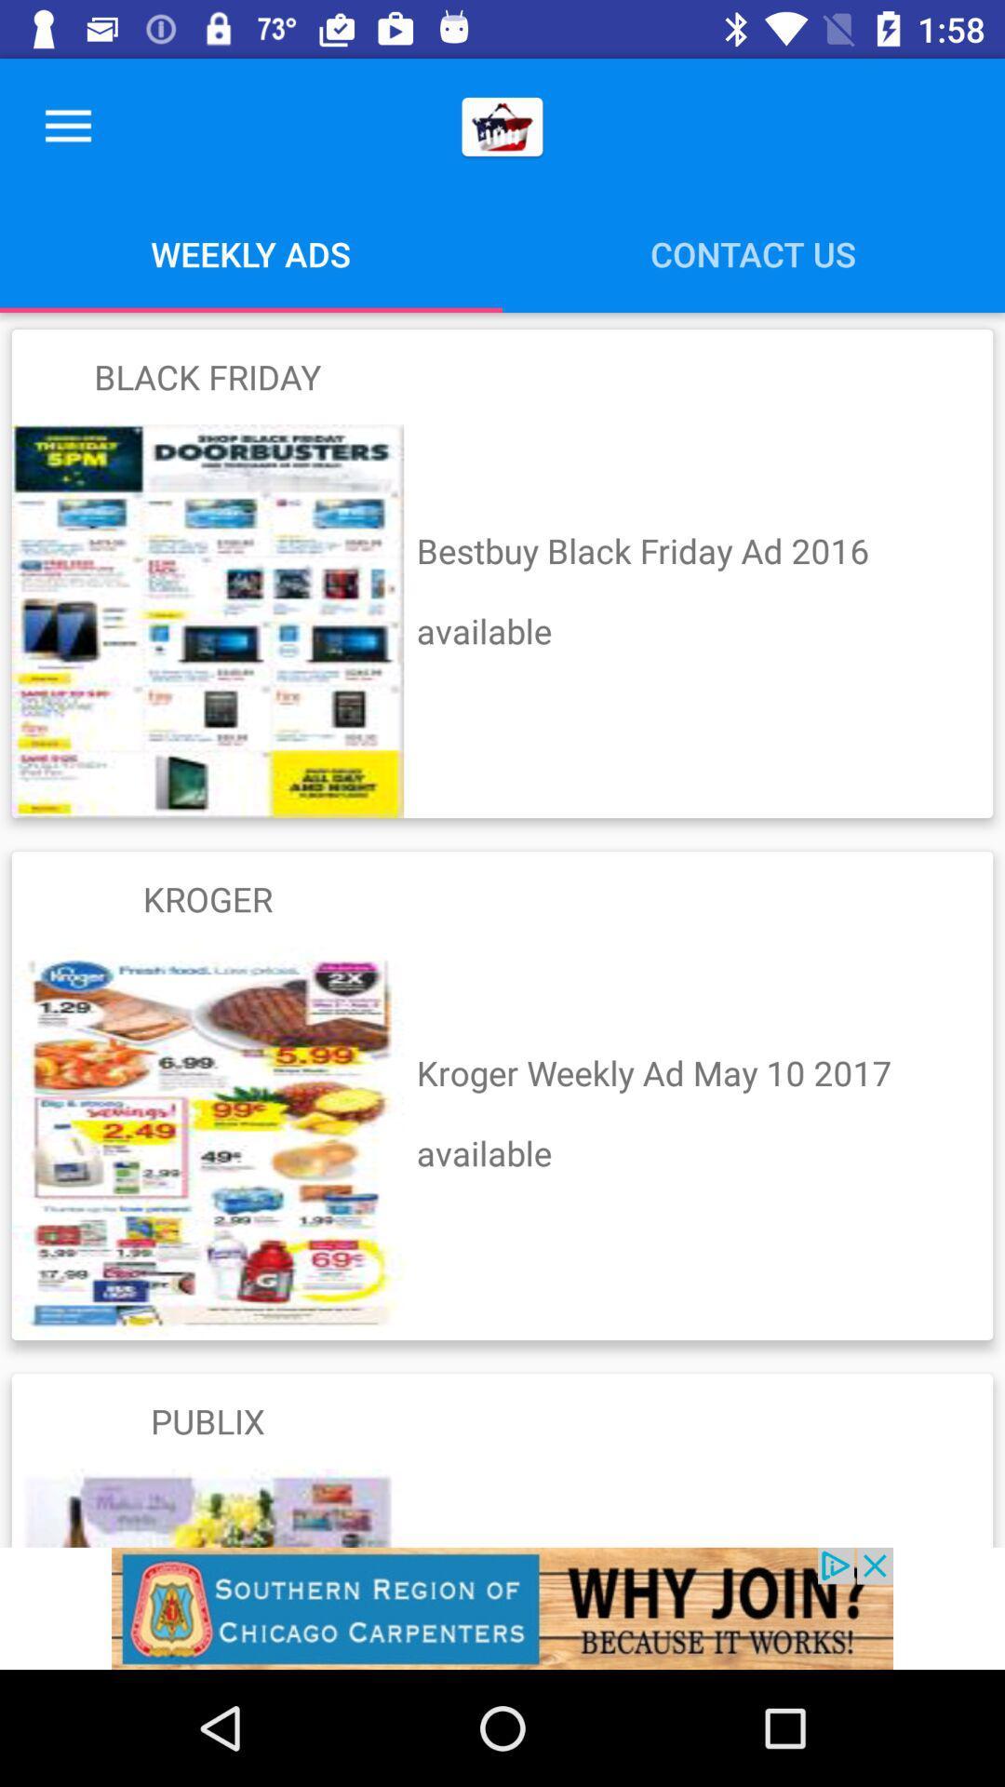  What do you see at coordinates (208, 1508) in the screenshot?
I see `the image which is below publix` at bounding box center [208, 1508].